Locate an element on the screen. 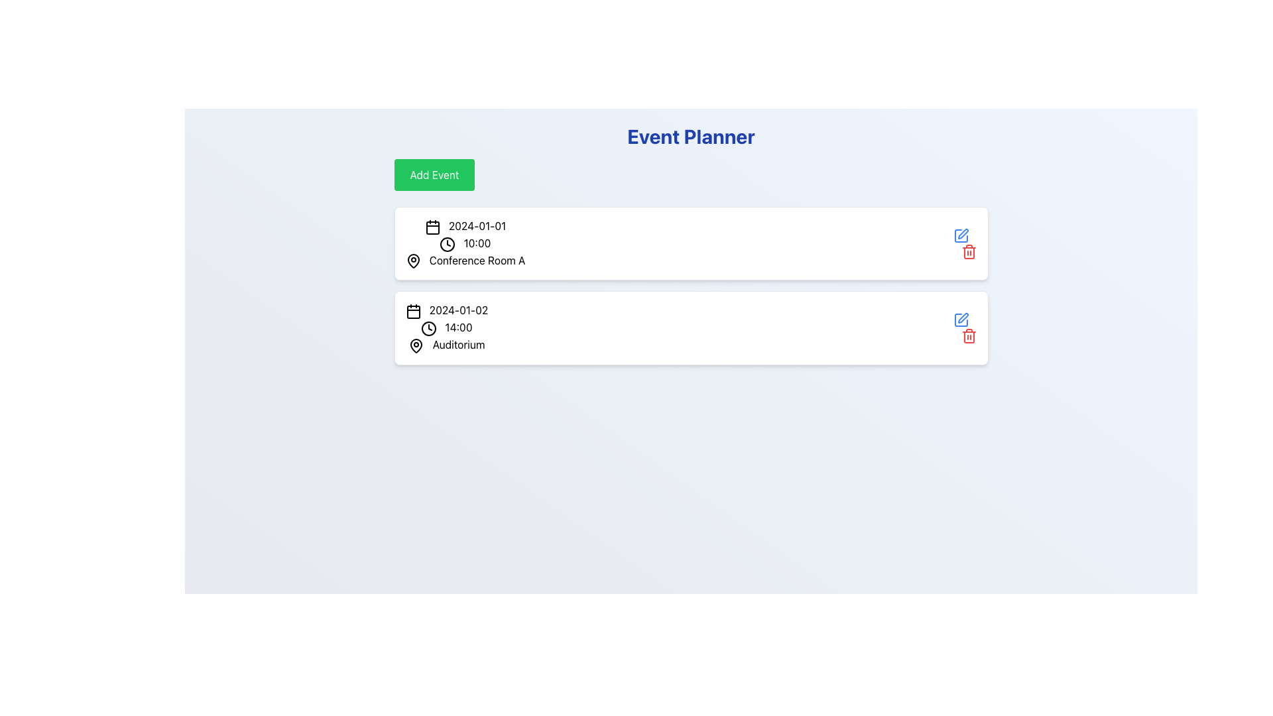  the small square shape with rounded corners, which is depicted in black stroke and white fill, located inside a calendar icon to the left of the event details displaying '2024-01-01 10:00 Conference Room A' is located at coordinates (432, 227).